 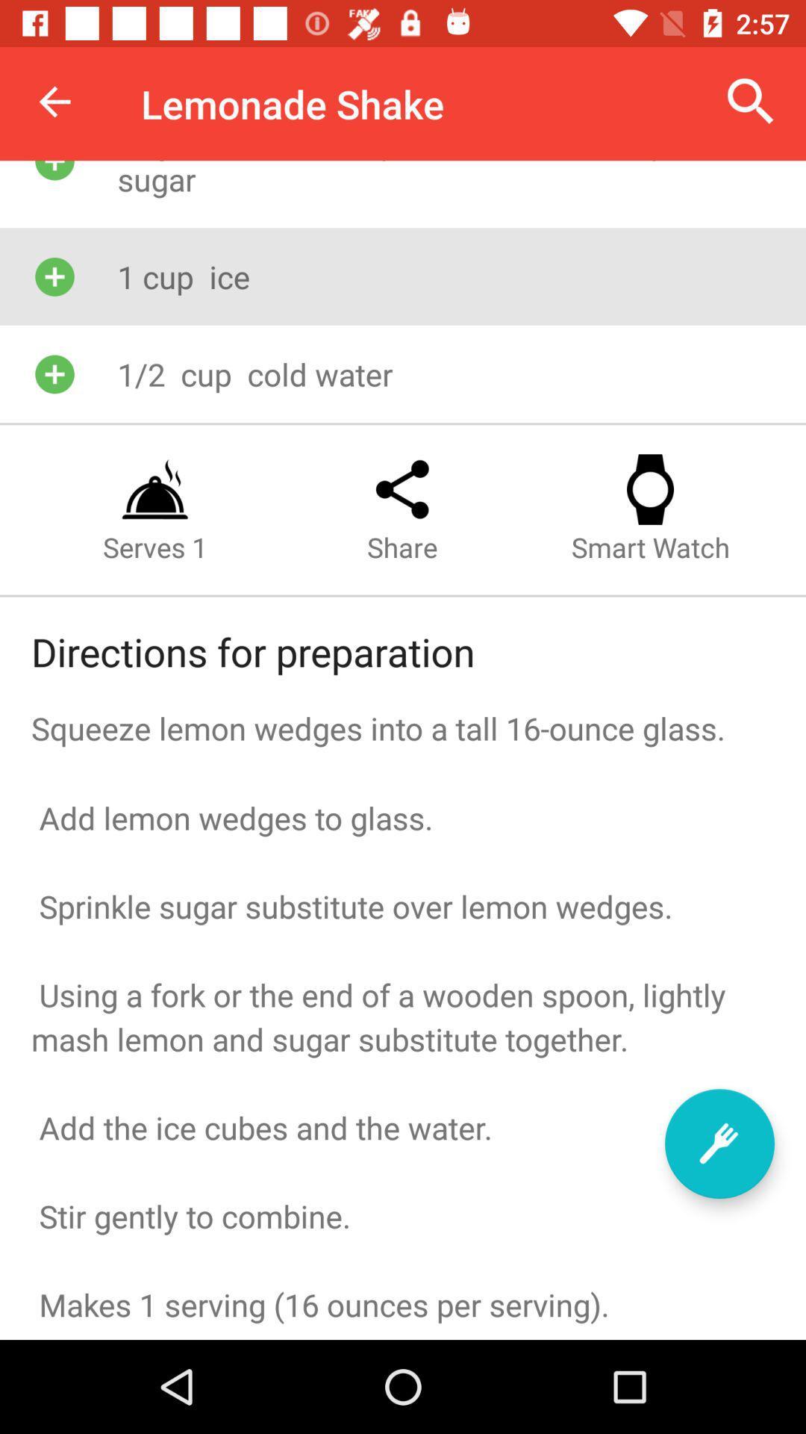 What do you see at coordinates (719, 1143) in the screenshot?
I see `the edit icon` at bounding box center [719, 1143].